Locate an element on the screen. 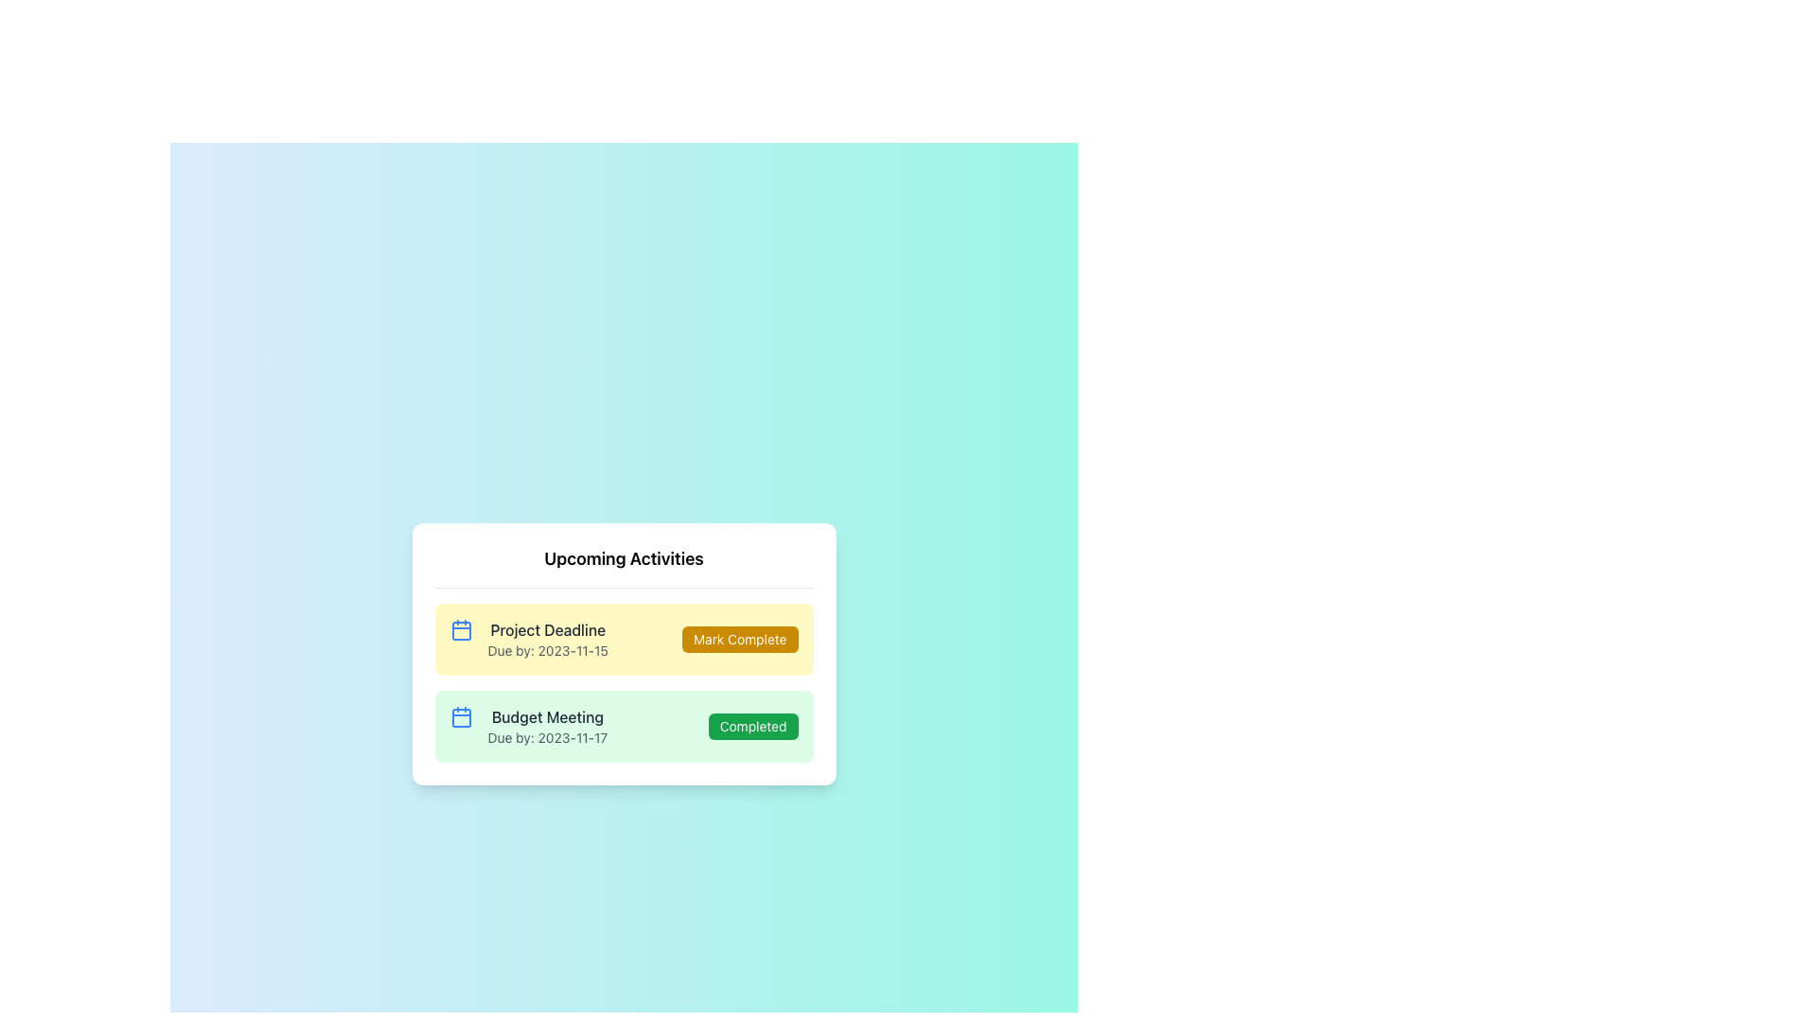 The image size is (1817, 1022). the blue calendar icon located to the left of the 'Budget Meeting' row in the 'Upcoming Activities' section is located at coordinates (461, 716).